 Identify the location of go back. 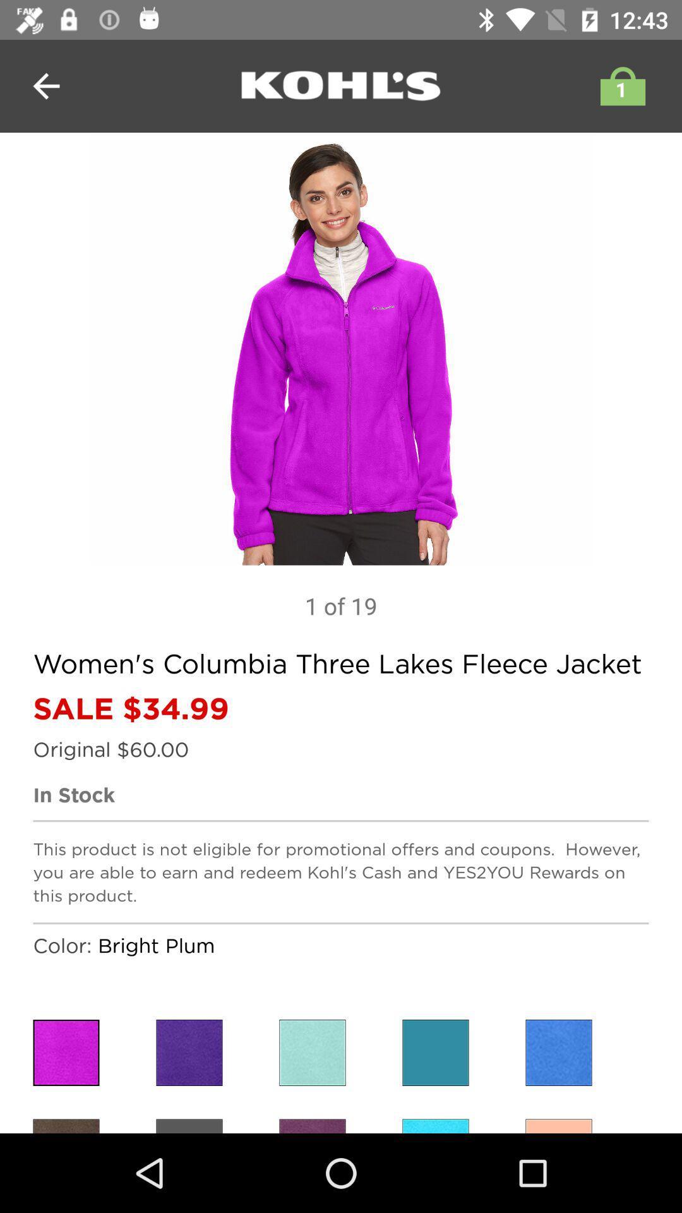
(45, 85).